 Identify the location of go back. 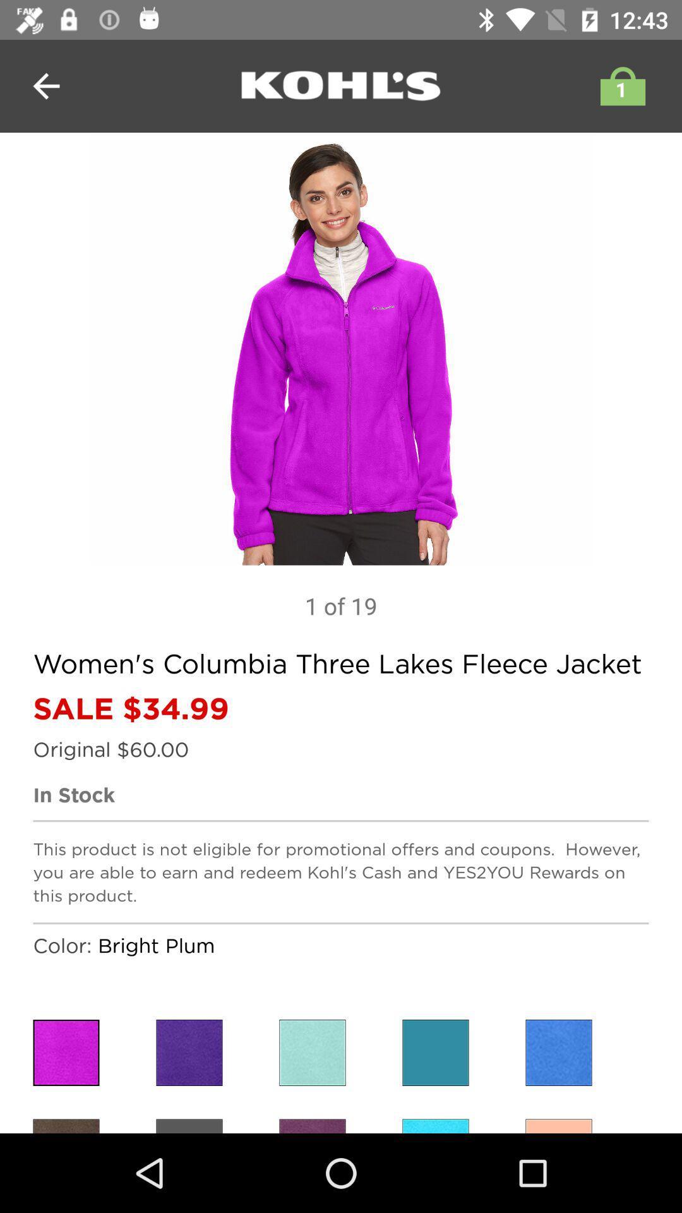
(45, 85).